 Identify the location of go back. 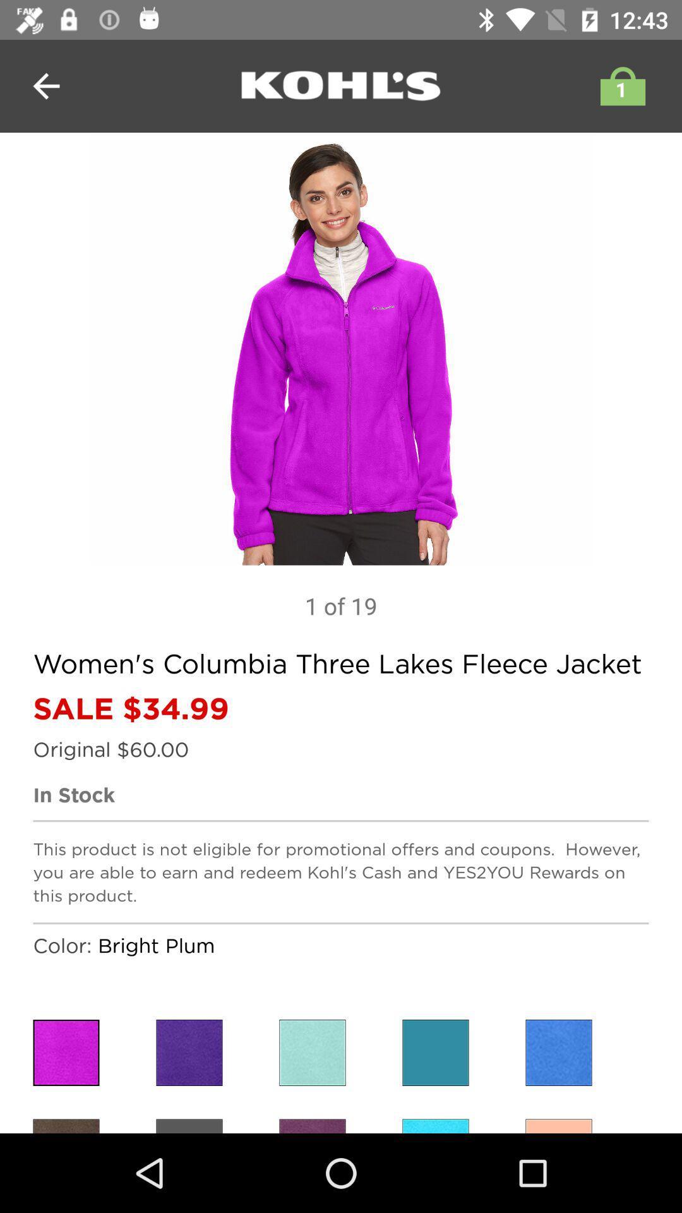
(45, 85).